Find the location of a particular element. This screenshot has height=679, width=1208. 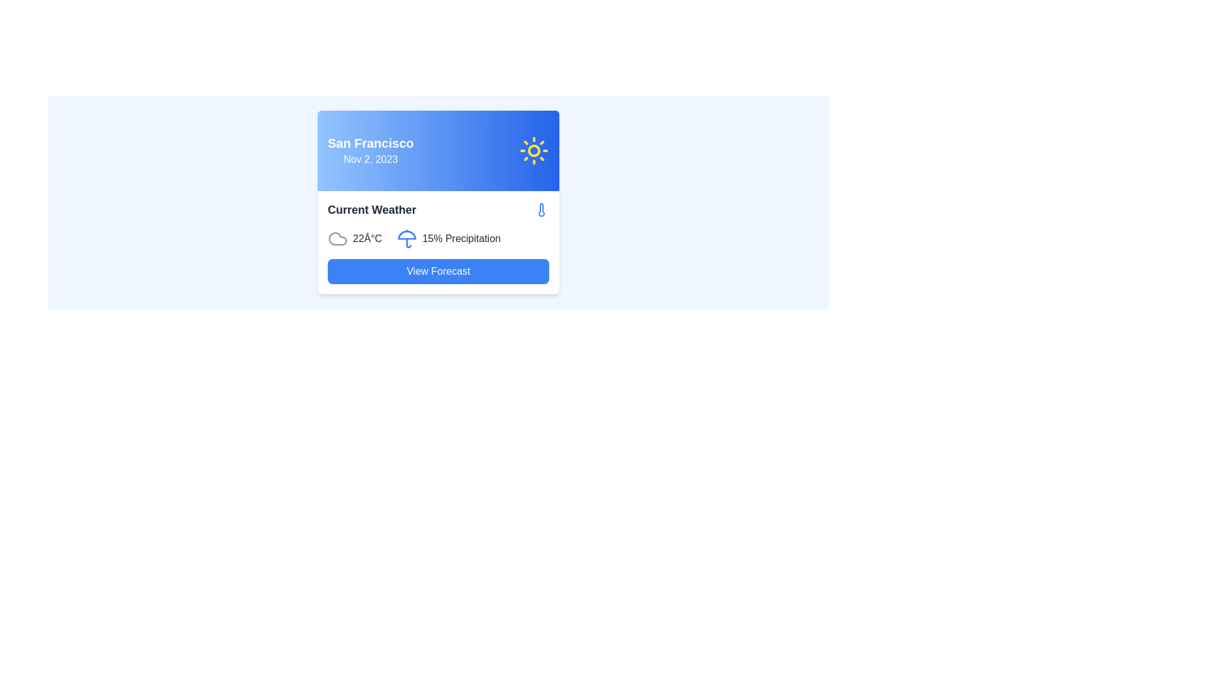

the center circle within the sun icon on the weather card located in the top-right section of the interface is located at coordinates (534, 150).